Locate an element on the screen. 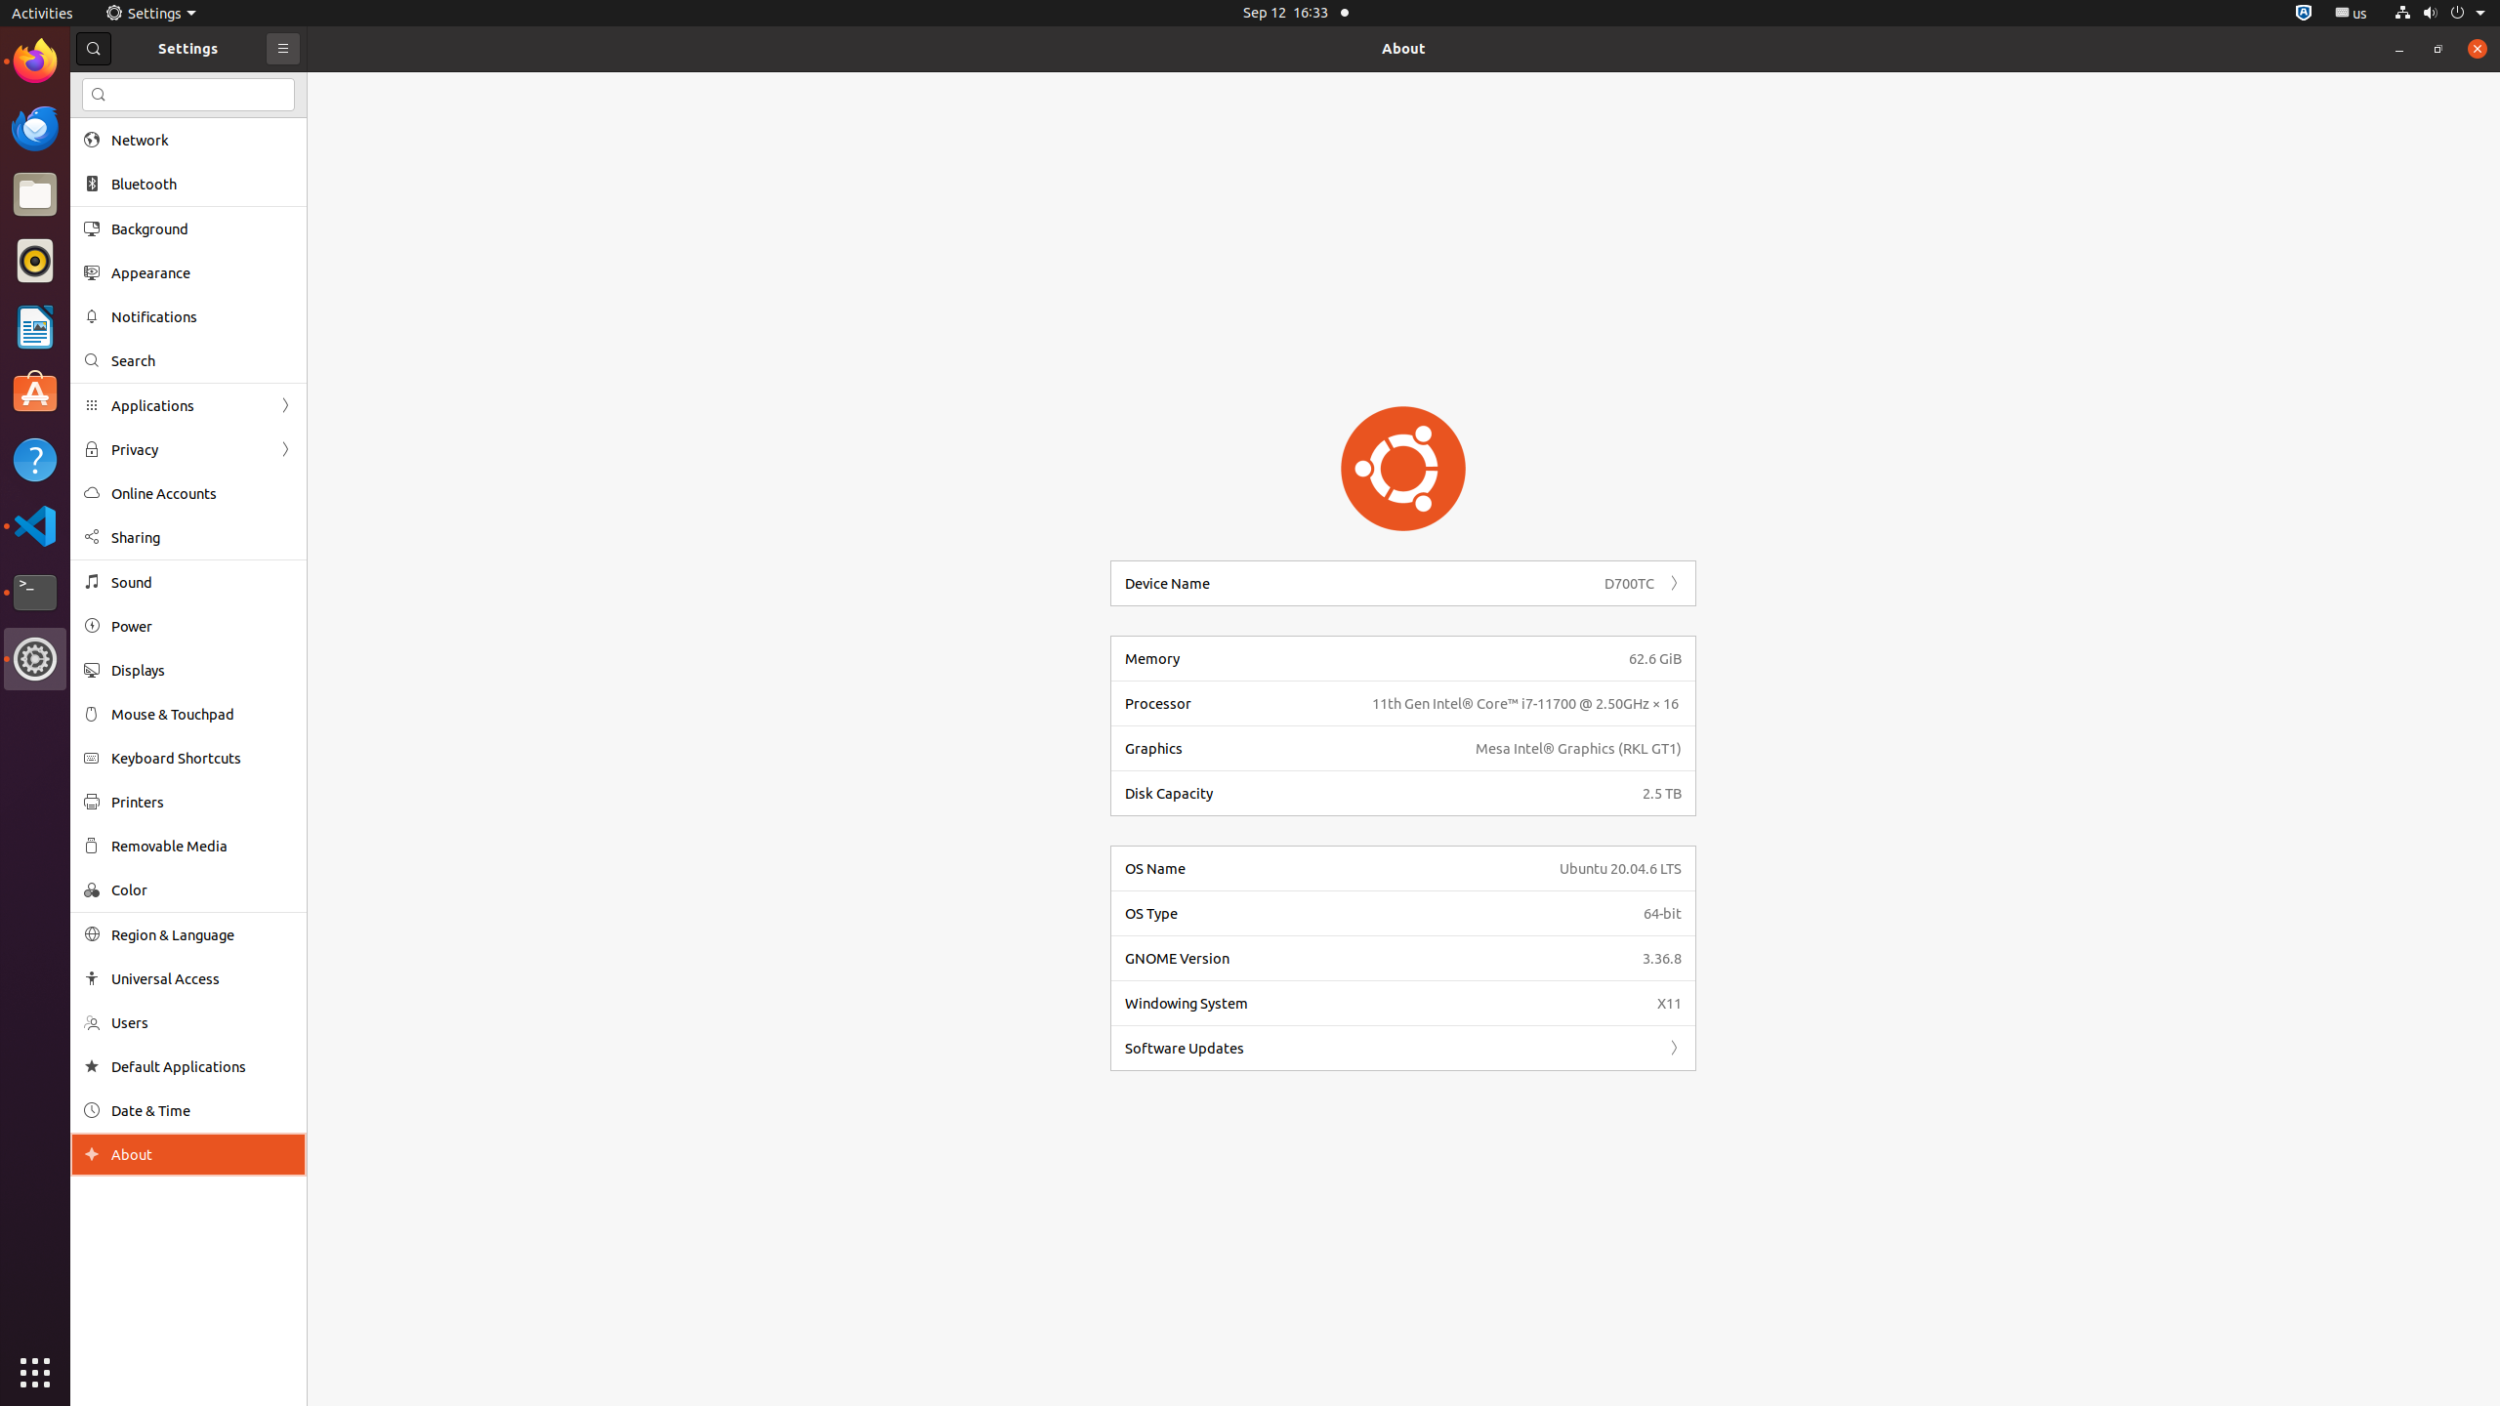 The width and height of the screenshot is (2500, 1406). 'Color' is located at coordinates (202, 889).